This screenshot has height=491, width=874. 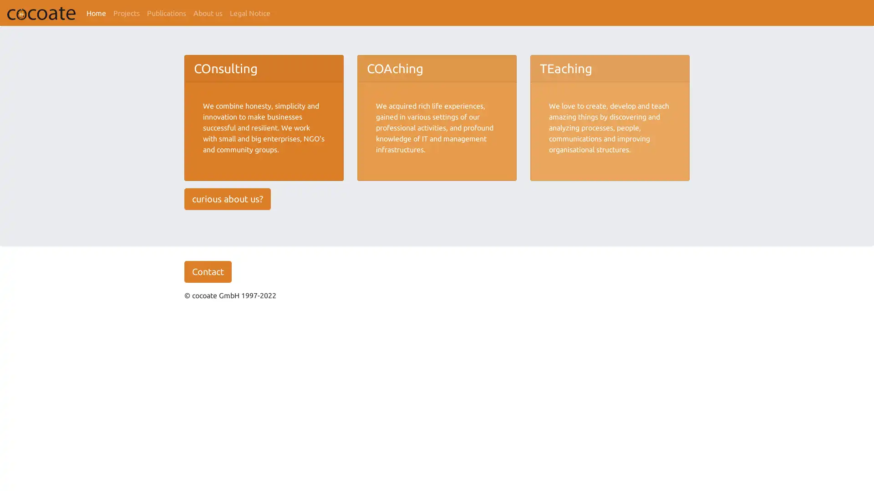 What do you see at coordinates (207, 271) in the screenshot?
I see `Contact` at bounding box center [207, 271].